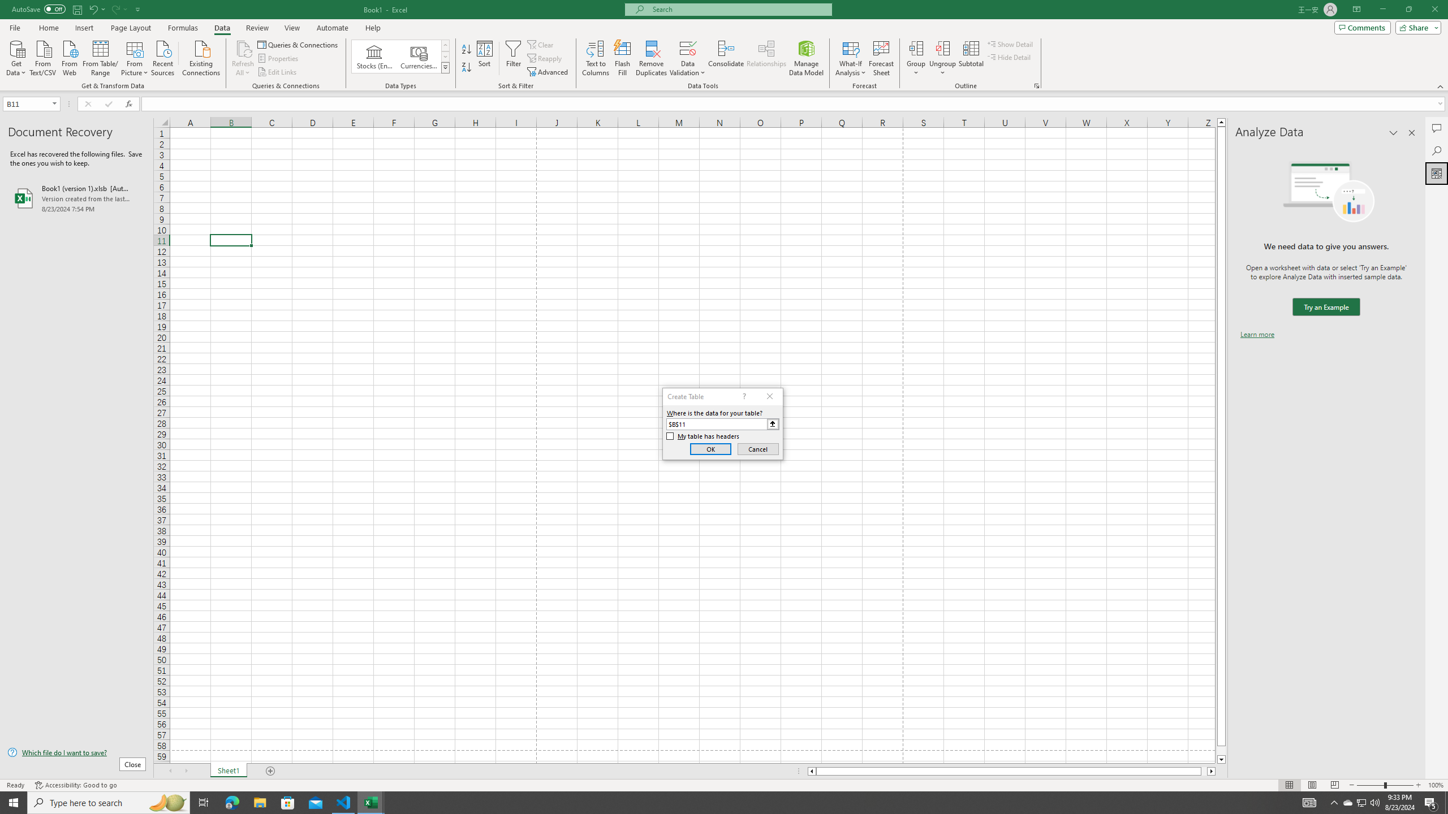 This screenshot has width=1448, height=814. Describe the element at coordinates (622, 58) in the screenshot. I see `'Flash Fill'` at that location.